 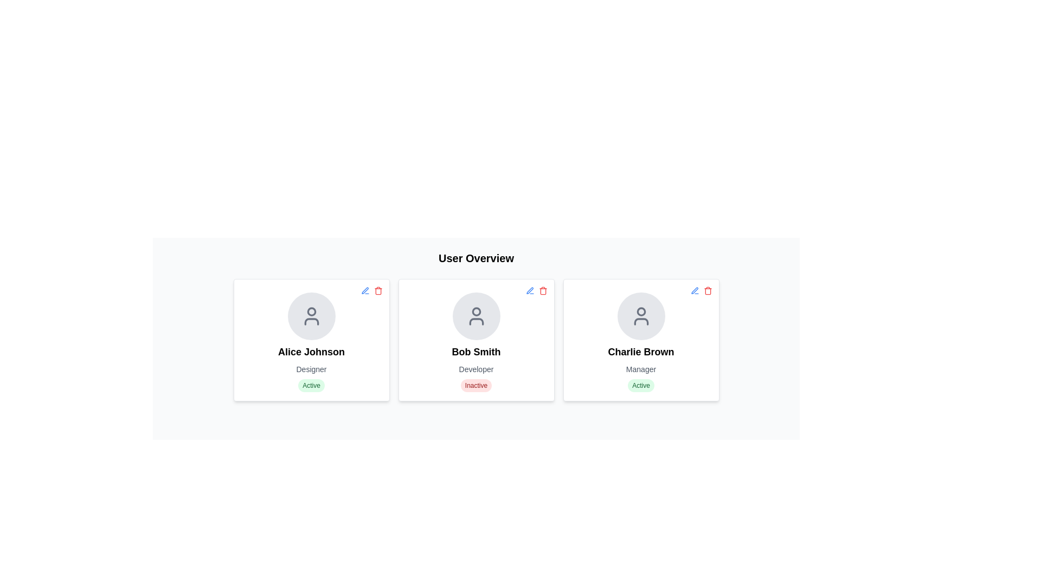 I want to click on the user icon located at the top-center of the card labeled 'Bob Smith', which visually represents a user with a circular background, so click(x=476, y=316).